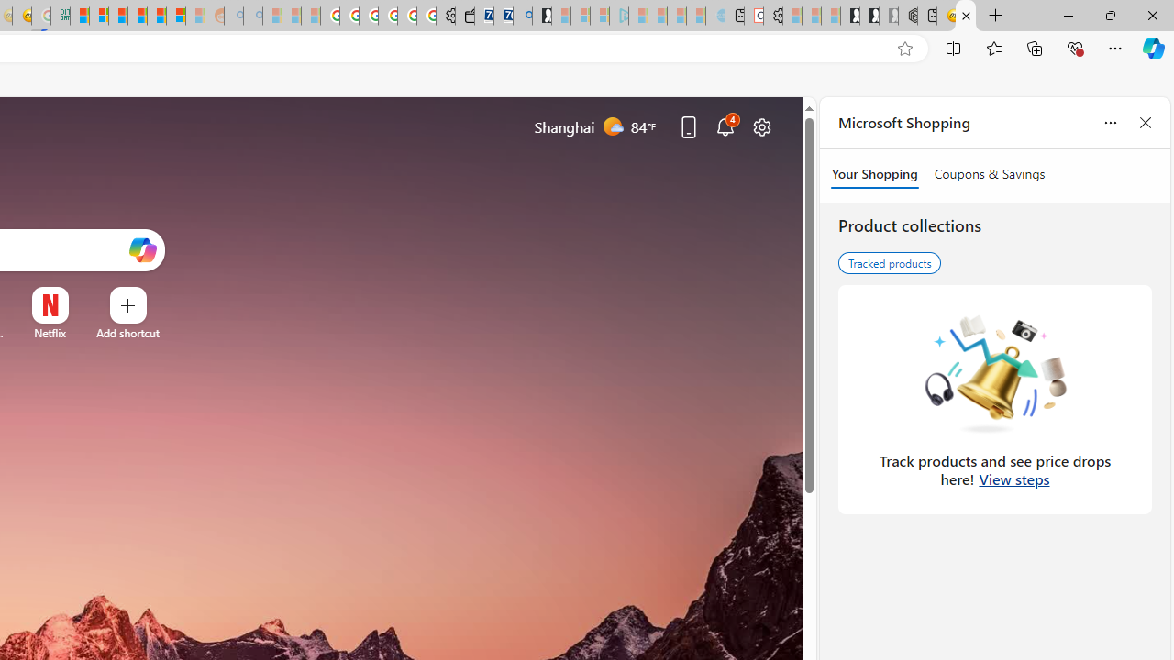 This screenshot has height=660, width=1174. Describe the element at coordinates (725, 126) in the screenshot. I see `'Notifications'` at that location.